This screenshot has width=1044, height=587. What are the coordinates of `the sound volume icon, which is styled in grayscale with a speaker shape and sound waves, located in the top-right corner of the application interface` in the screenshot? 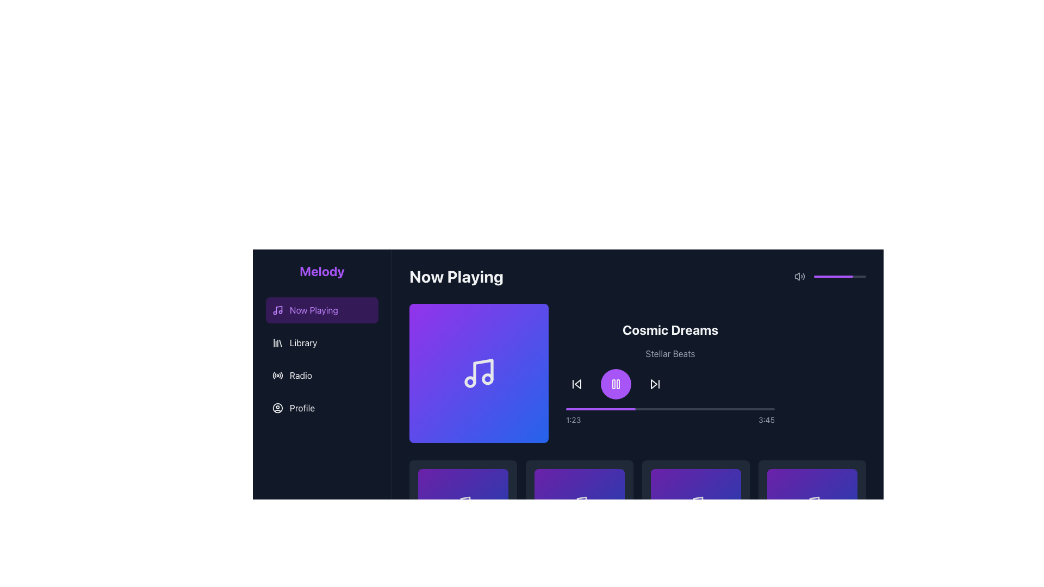 It's located at (799, 276).